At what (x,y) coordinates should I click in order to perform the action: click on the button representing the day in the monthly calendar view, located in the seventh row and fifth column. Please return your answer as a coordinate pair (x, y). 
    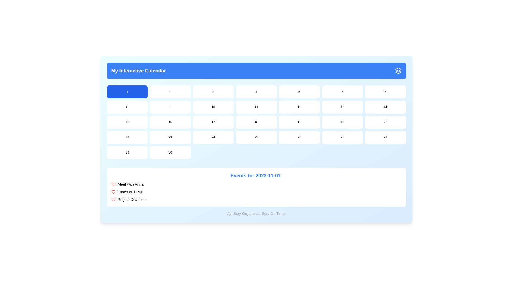
    Looking at the image, I should click on (299, 137).